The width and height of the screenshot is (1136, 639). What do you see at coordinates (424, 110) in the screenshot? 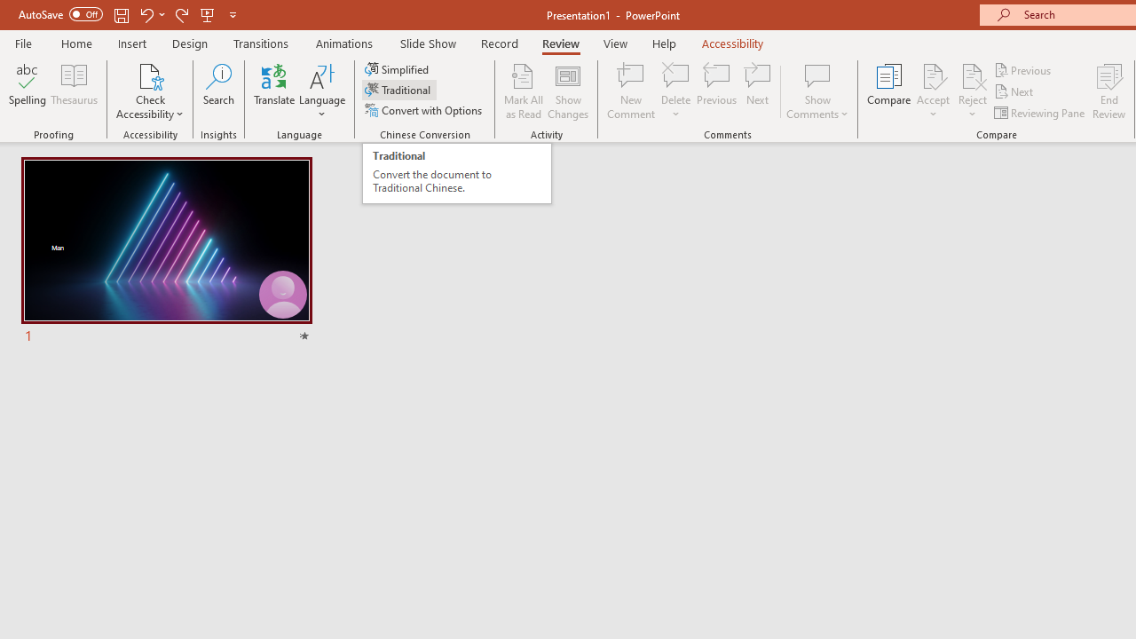
I see `'Convert with Options...'` at bounding box center [424, 110].